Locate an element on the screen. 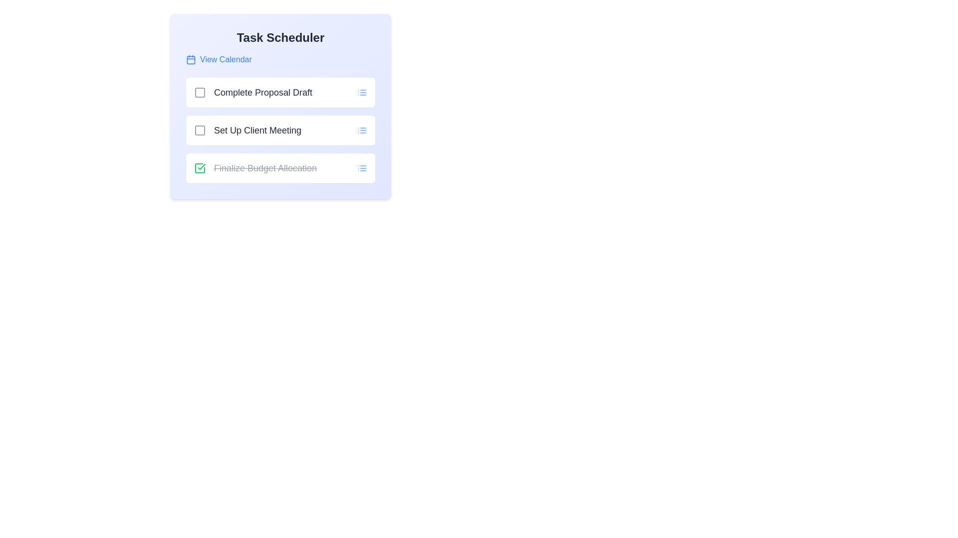  the task named Finalize Budget Allocation is located at coordinates (200, 168).